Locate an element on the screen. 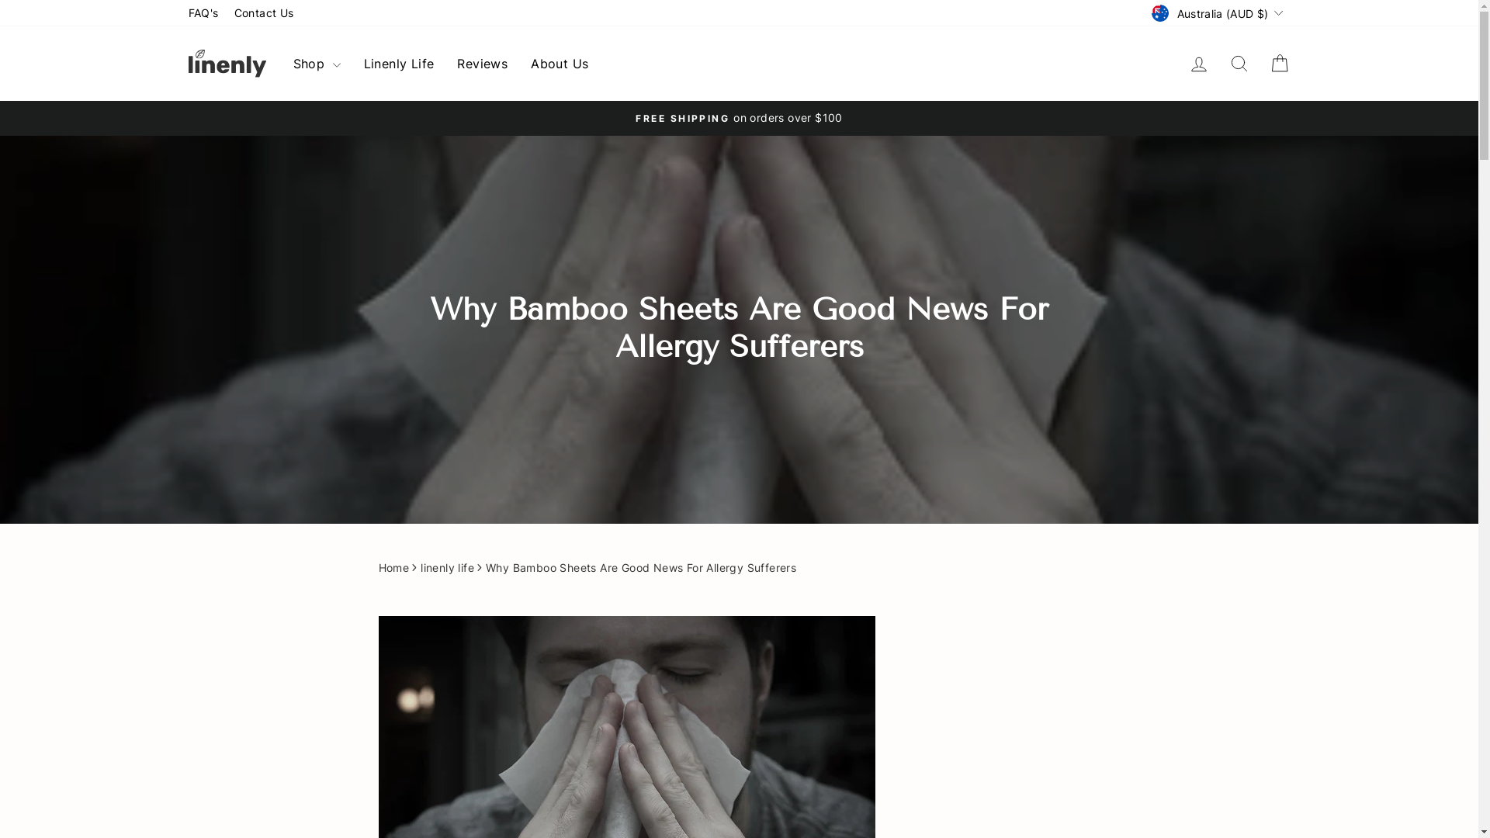  'Reviews' is located at coordinates (481, 63).